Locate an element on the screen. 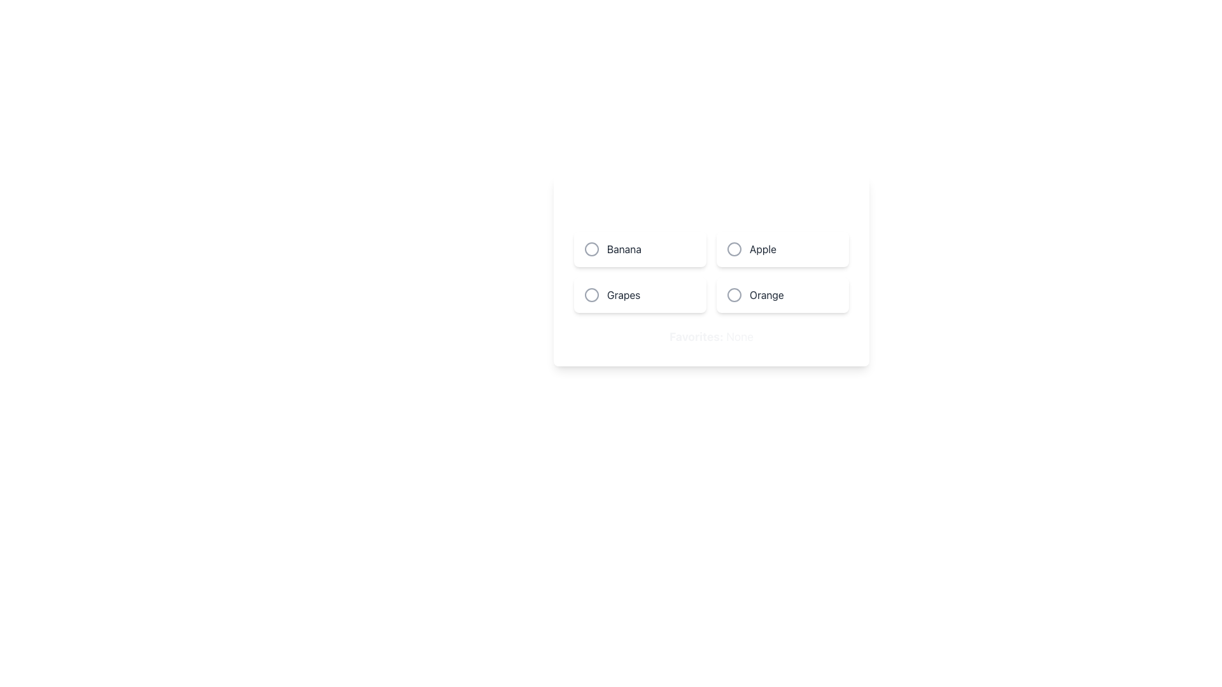 This screenshot has height=687, width=1222. the circular radio button indicator for the 'Apple' option is located at coordinates (734, 249).